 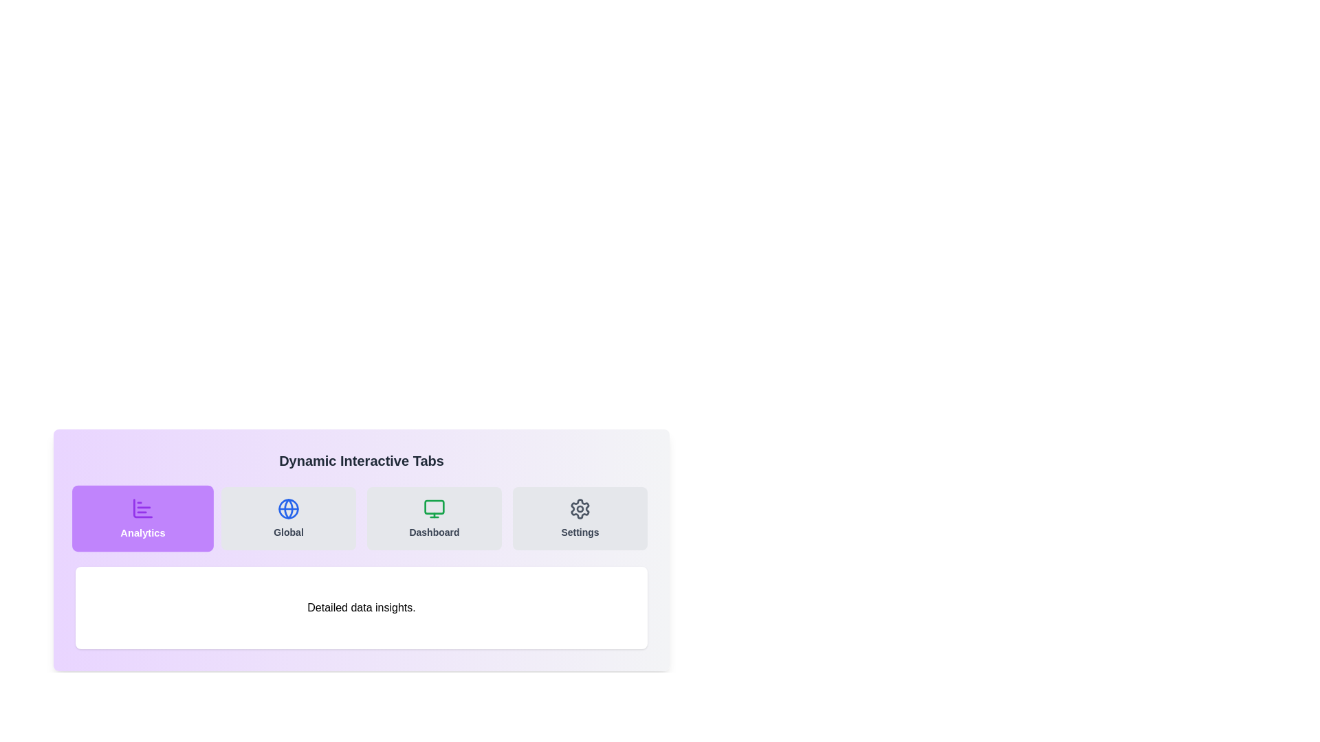 What do you see at coordinates (434, 506) in the screenshot?
I see `the top rectangle of the monitor icon located in the 'Dashboard' tab, which is third from the left in the tab list` at bounding box center [434, 506].